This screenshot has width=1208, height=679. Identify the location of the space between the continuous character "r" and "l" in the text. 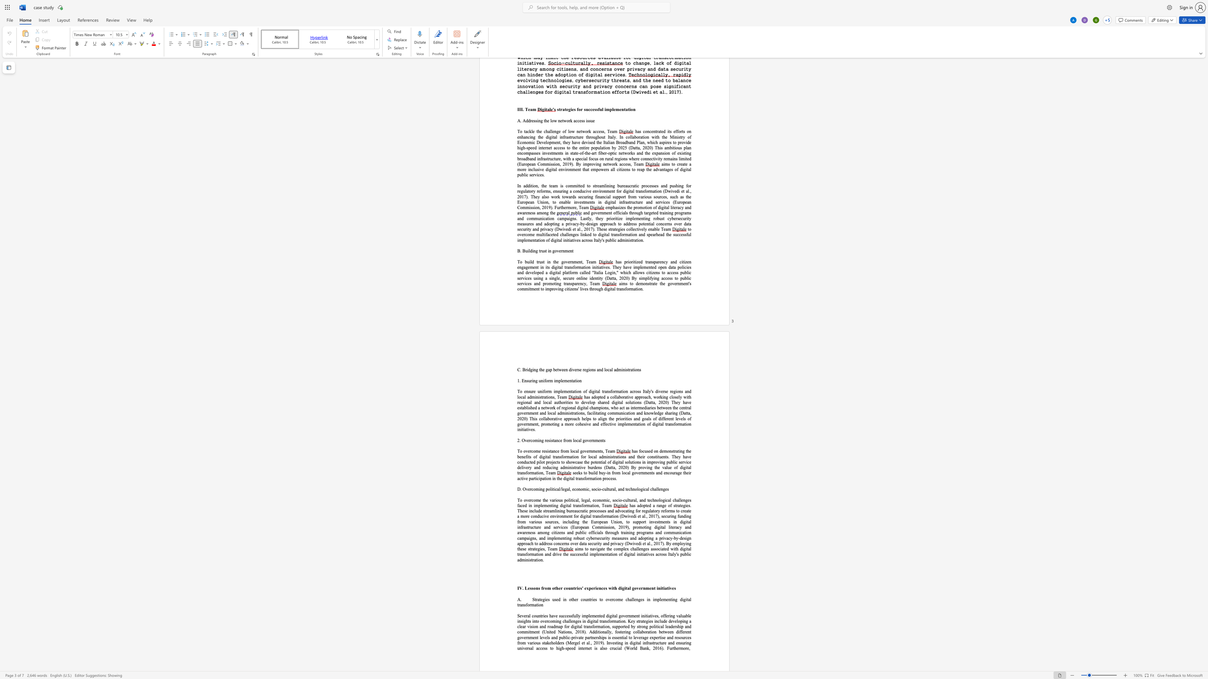
(633, 648).